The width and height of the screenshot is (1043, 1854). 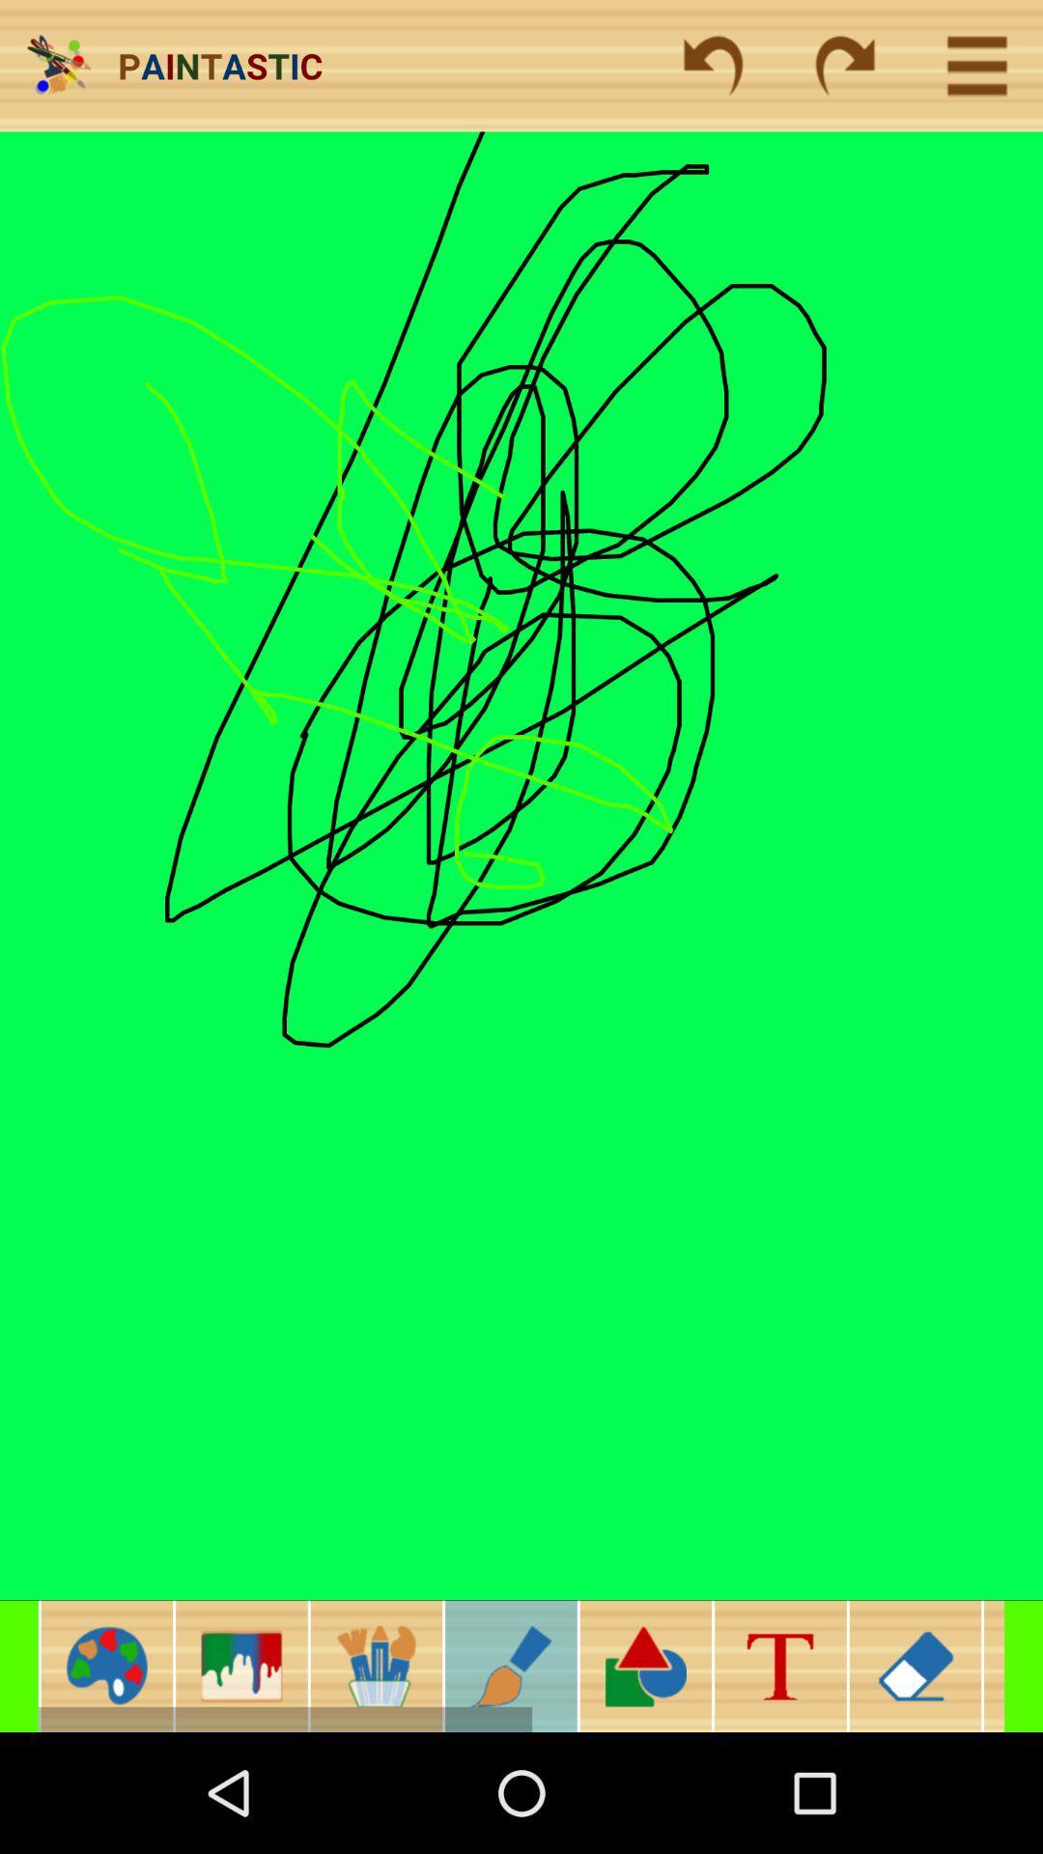 What do you see at coordinates (844, 66) in the screenshot?
I see `the redo icon` at bounding box center [844, 66].